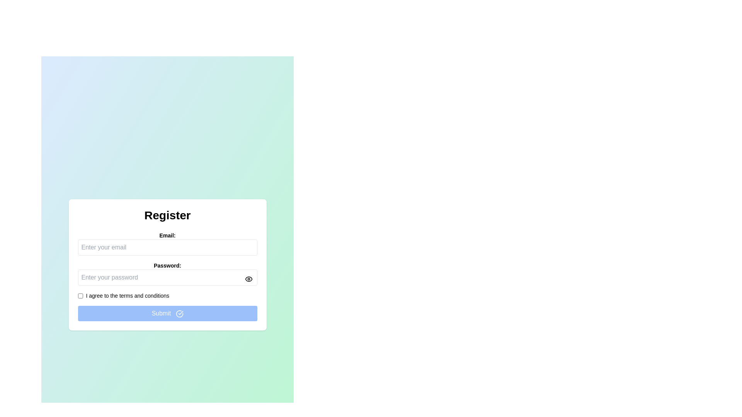 Image resolution: width=742 pixels, height=417 pixels. Describe the element at coordinates (248, 279) in the screenshot. I see `the center of the toggle visibility icon located adjacent to the password input field` at that location.